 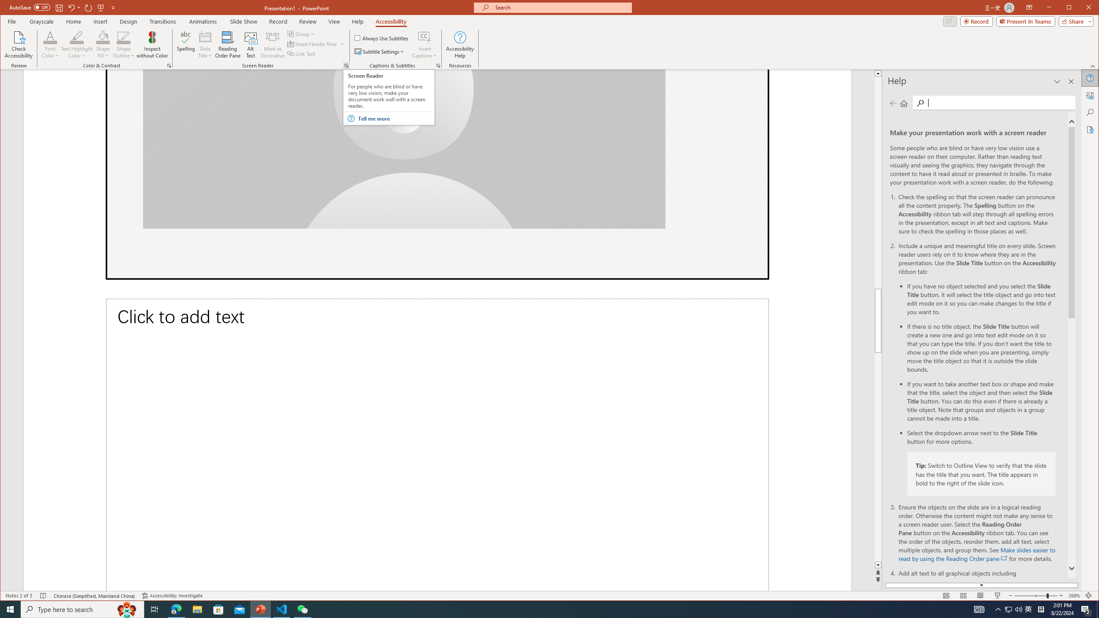 I want to click on 'Screen Reader', so click(x=346, y=66).